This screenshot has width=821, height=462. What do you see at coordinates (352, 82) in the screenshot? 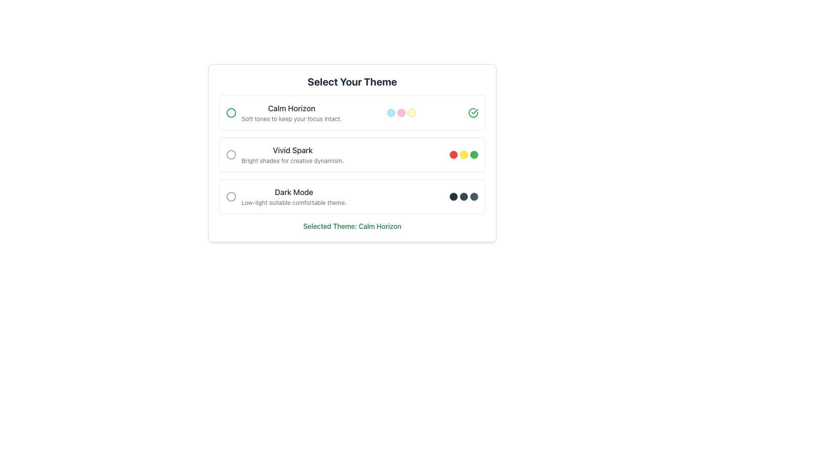
I see `text of the header element that indicates the theme selection purpose, positioned at the top of the panel` at bounding box center [352, 82].